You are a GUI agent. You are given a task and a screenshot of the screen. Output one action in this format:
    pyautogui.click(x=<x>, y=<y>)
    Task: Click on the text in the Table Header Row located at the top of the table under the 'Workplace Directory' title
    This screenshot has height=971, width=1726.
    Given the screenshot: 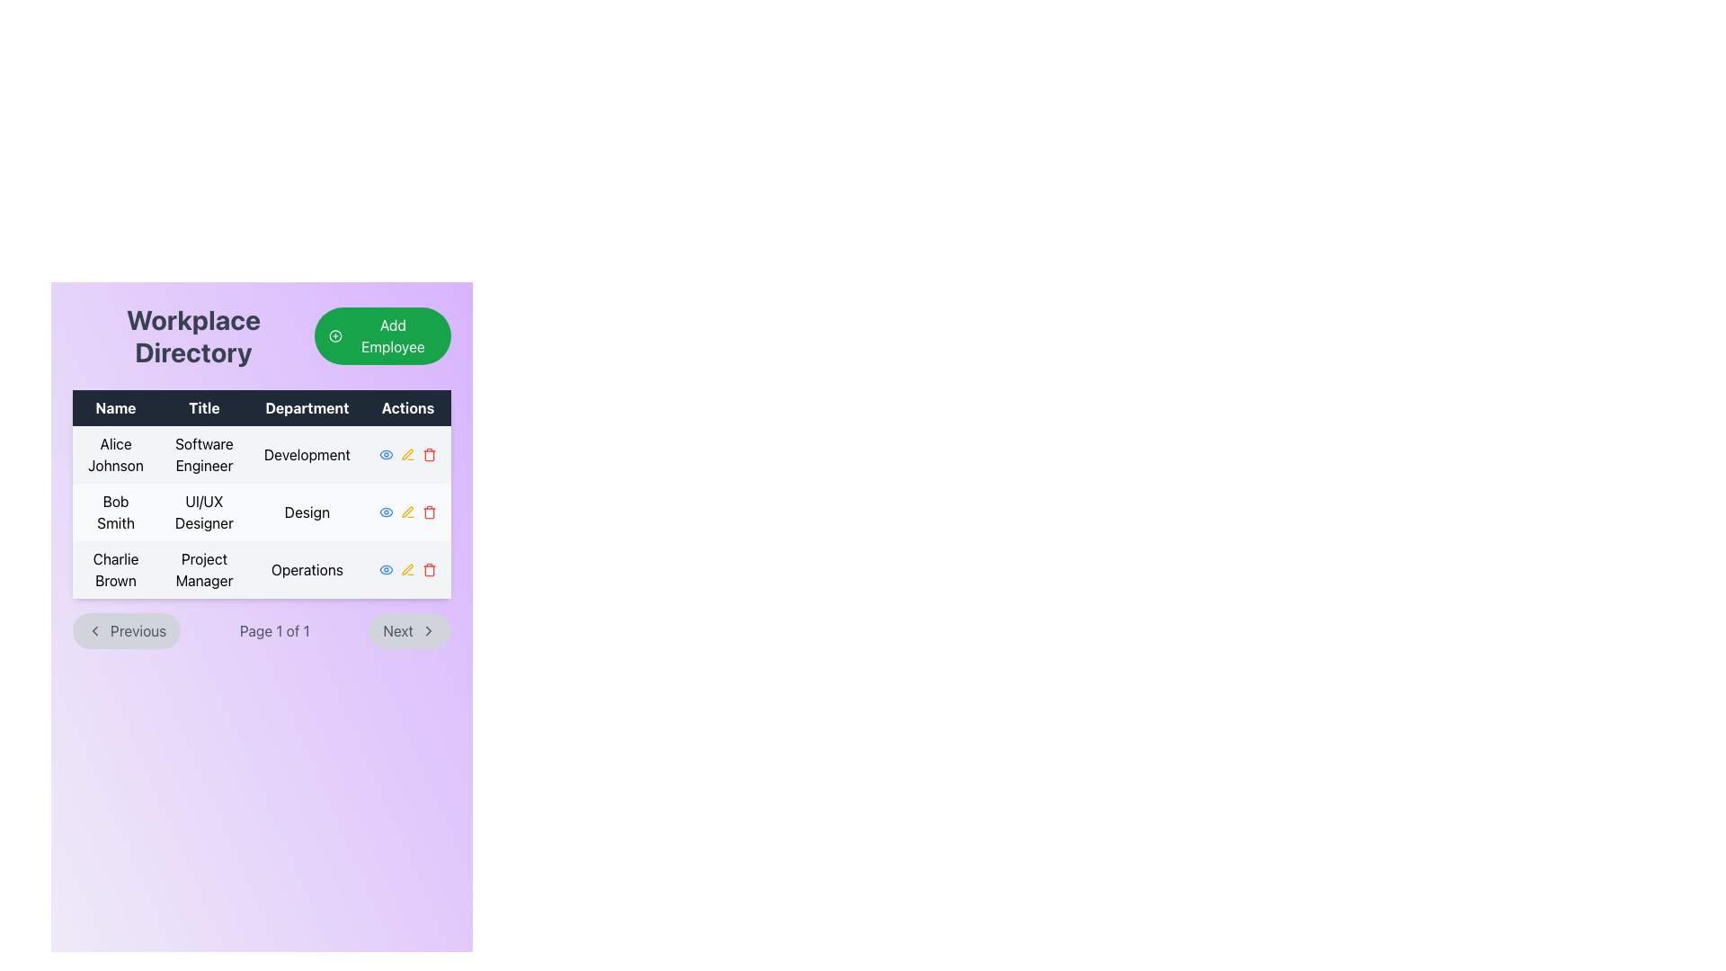 What is the action you would take?
    pyautogui.click(x=261, y=408)
    